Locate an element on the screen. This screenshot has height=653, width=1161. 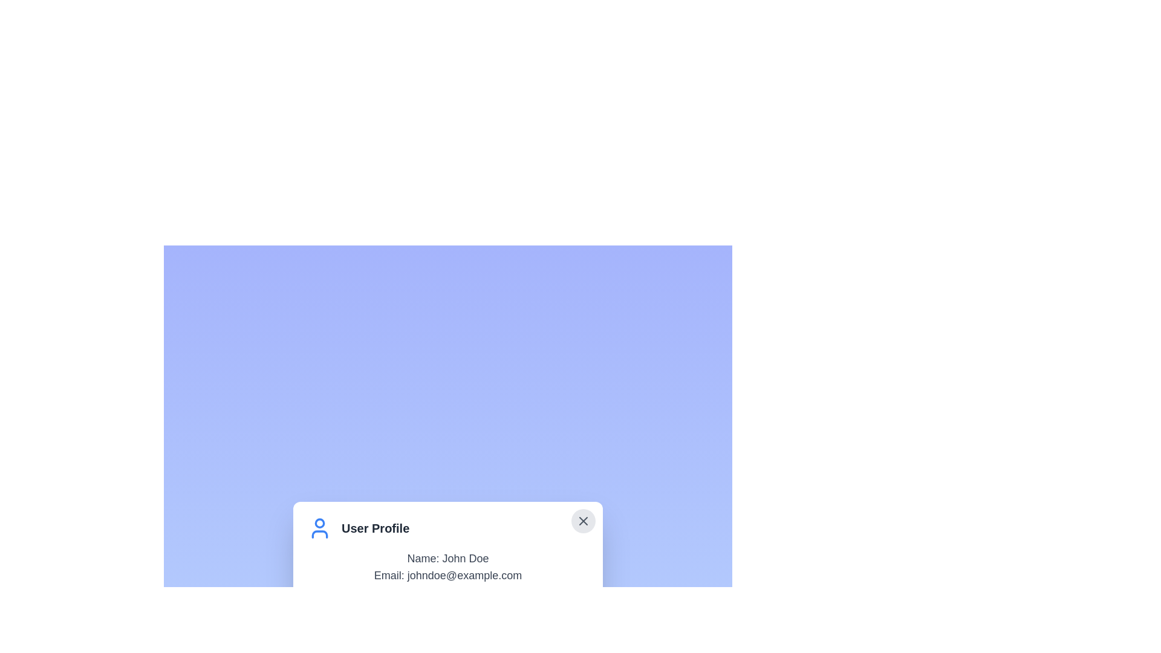
the circular close button with an 'X' icon at the top-right corner of the user profile dialog is located at coordinates (583, 520).